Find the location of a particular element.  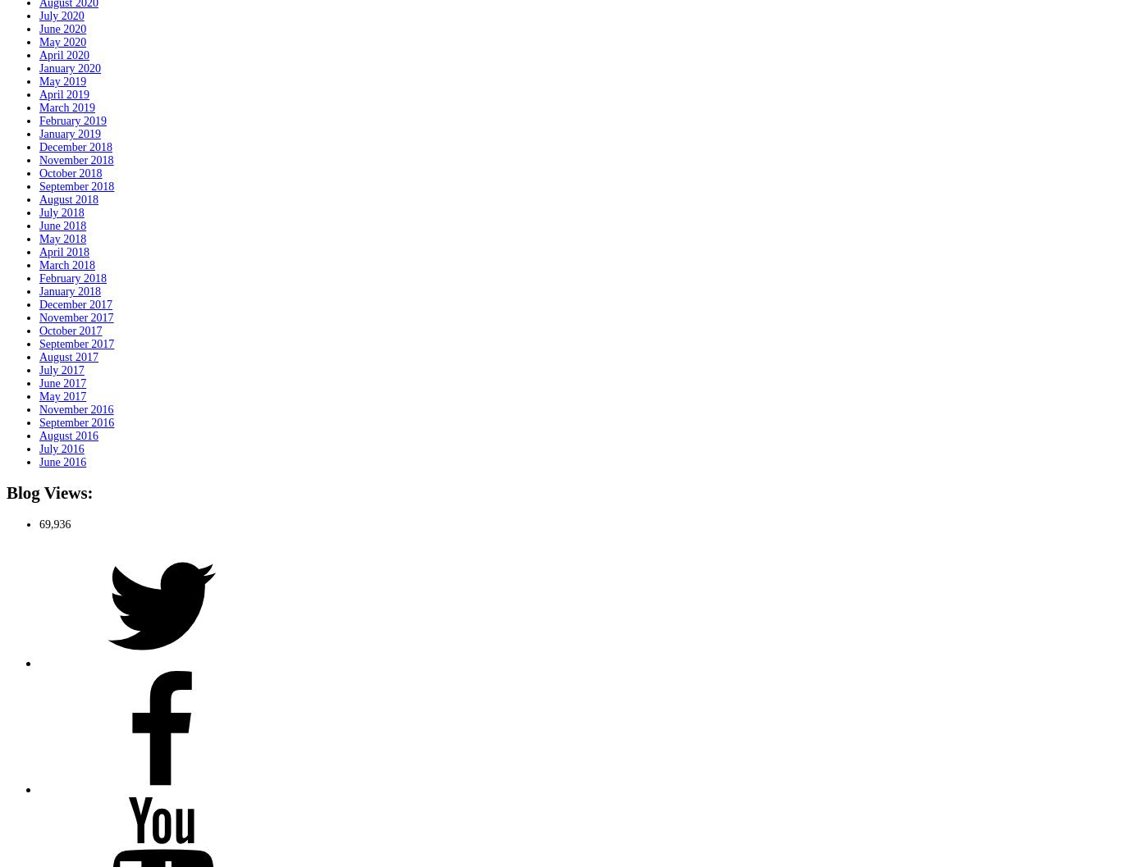

'July 2016' is located at coordinates (61, 447).